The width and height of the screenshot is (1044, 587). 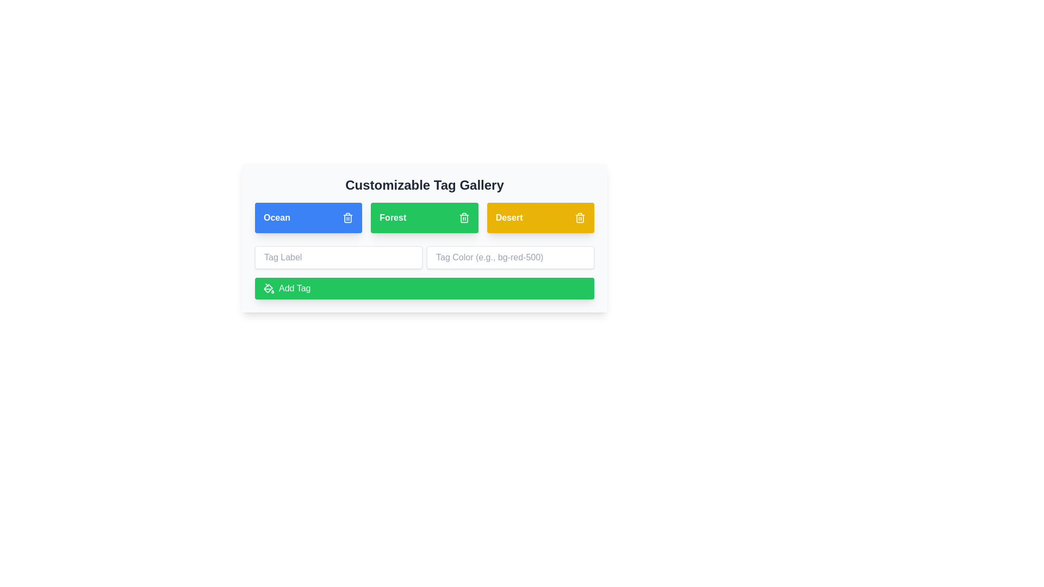 I want to click on the delete icon of the chip labeled Forest, so click(x=464, y=218).